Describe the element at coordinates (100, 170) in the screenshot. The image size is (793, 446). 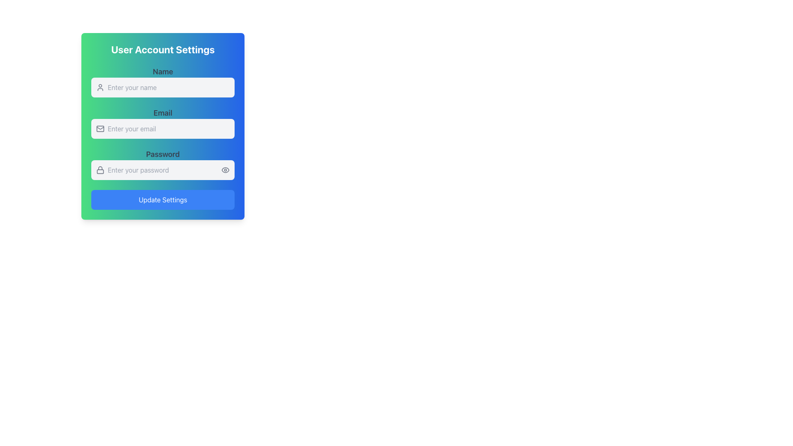
I see `the minimalist gray lock icon located to the left of the password input field in the user account settings form` at that location.